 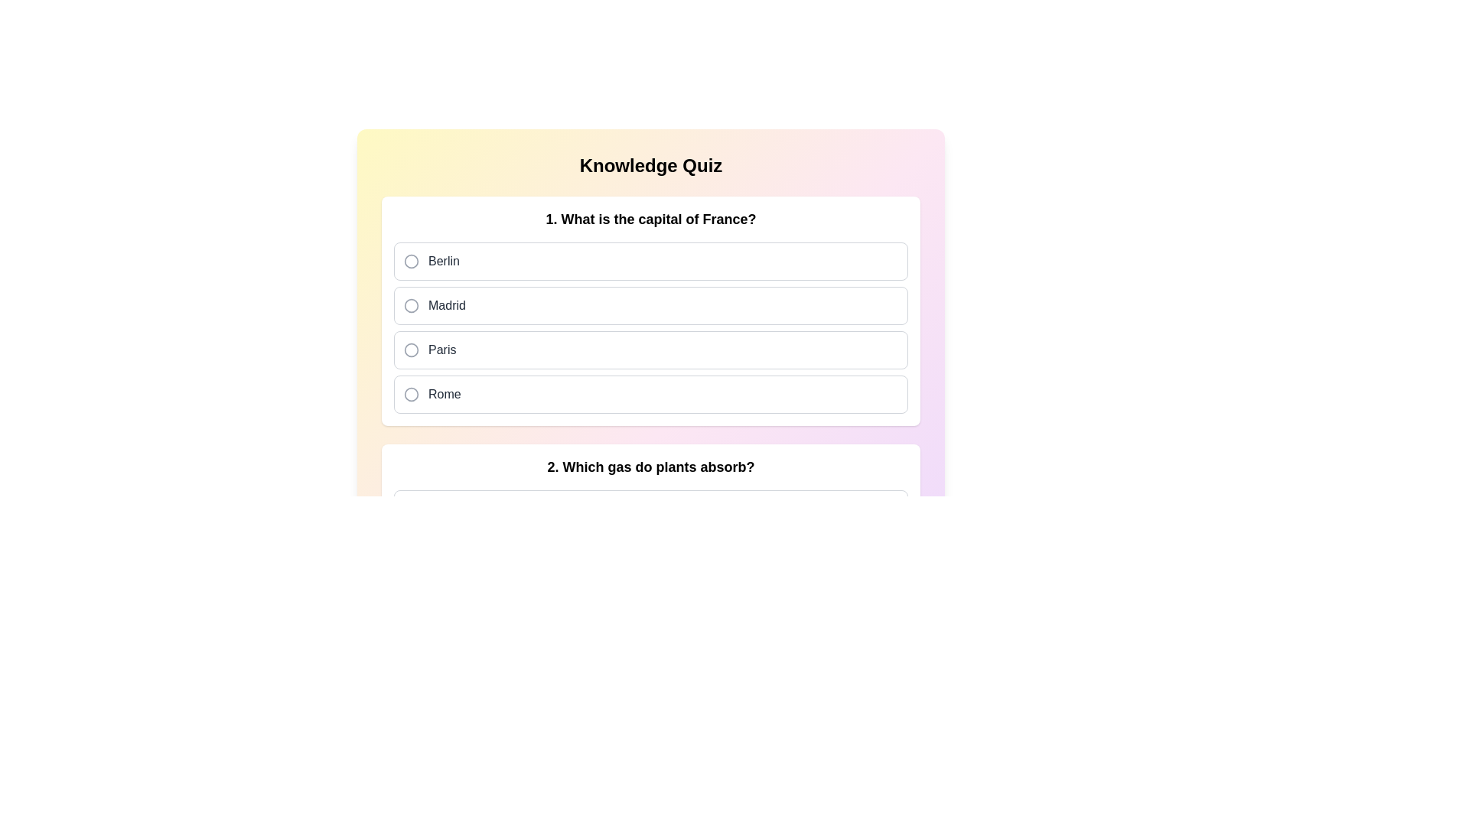 What do you see at coordinates (650, 394) in the screenshot?
I see `the fourth selectable option labeled 'Rome' in the questionnaire asking 'What is the capital of France?'` at bounding box center [650, 394].